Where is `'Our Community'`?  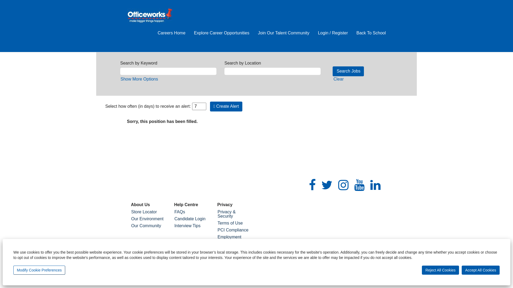
'Our Community' is located at coordinates (131, 226).